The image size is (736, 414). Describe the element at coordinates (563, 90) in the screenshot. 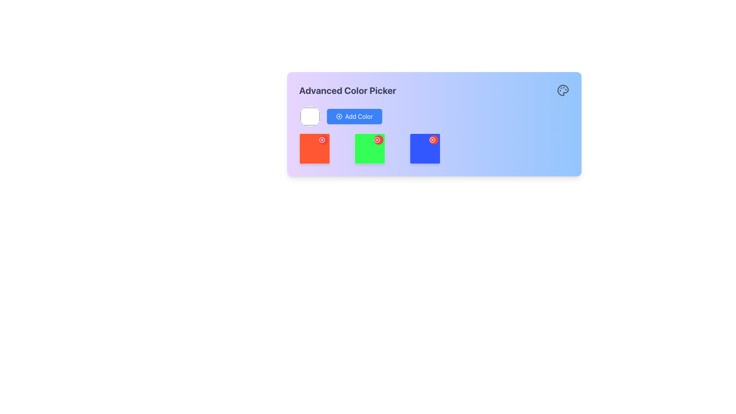

I see `the painter's palette icon located in the top right corner of the interface, which is part of the color picker tool group` at that location.